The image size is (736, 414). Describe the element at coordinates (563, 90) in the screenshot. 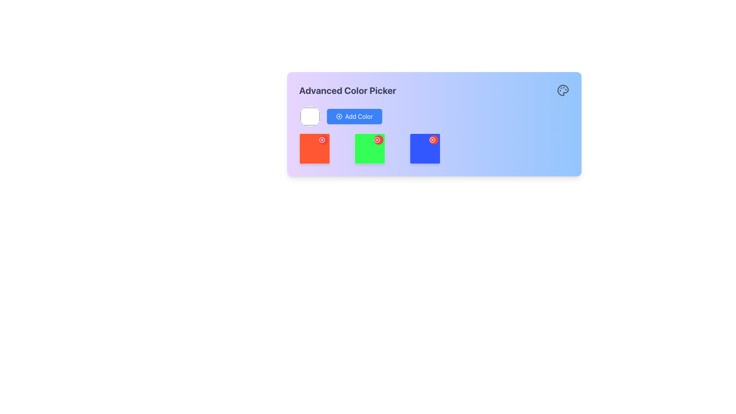

I see `the painter's palette icon located in the top right corner of the interface, which is part of the color picker tool group` at that location.